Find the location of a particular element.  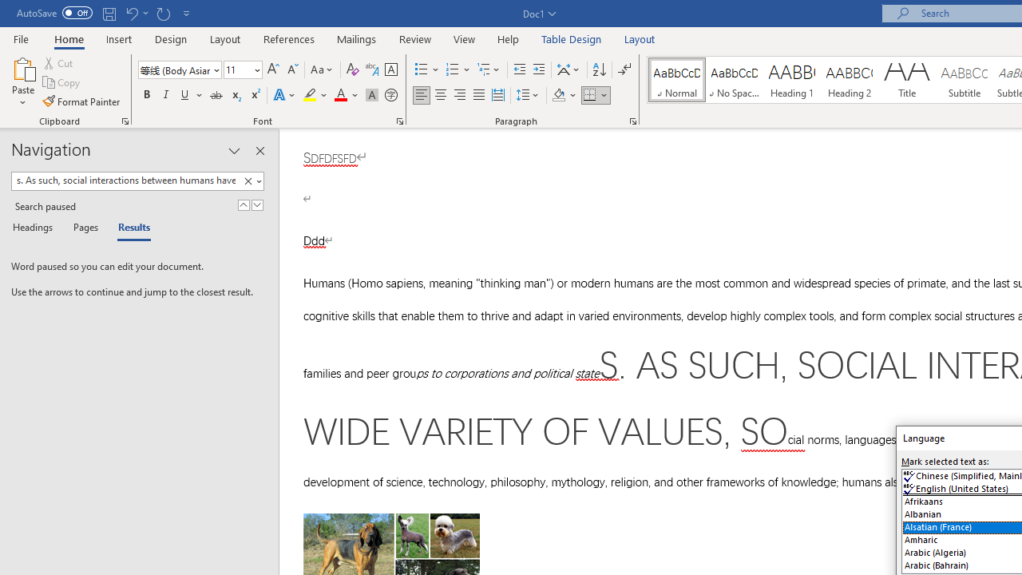

'Subscript' is located at coordinates (235, 95).